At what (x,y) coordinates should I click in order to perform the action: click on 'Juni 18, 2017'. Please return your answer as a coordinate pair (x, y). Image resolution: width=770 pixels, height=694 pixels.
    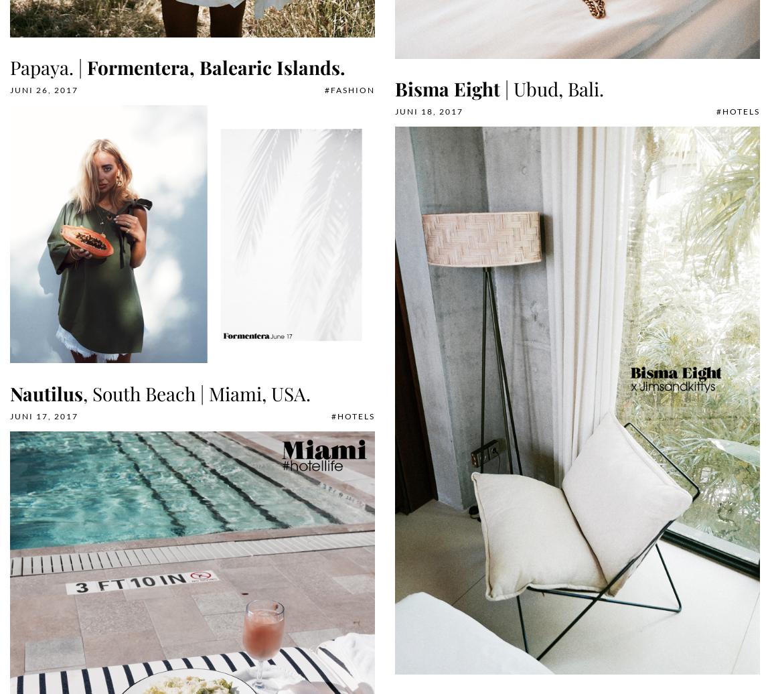
    Looking at the image, I should click on (429, 111).